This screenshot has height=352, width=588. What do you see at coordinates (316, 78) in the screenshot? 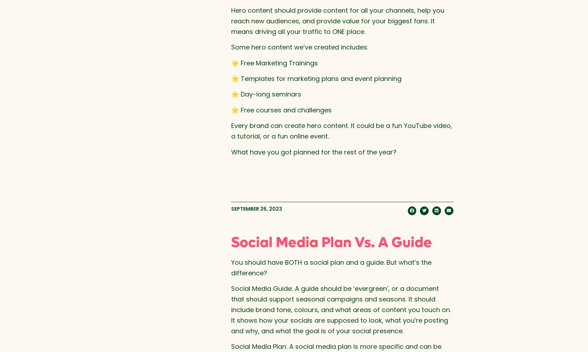
I see `'⭐️ Templates for marketing plans and event planning⁠'` at bounding box center [316, 78].